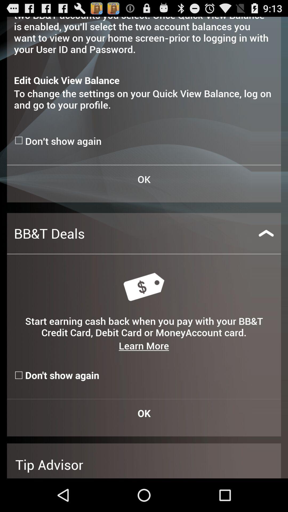 The width and height of the screenshot is (288, 512). I want to click on the item below start earning cash icon, so click(143, 346).